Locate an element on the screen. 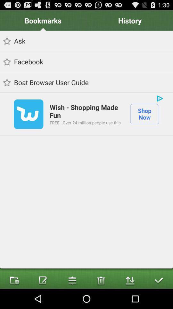  the icon to the left of shop now app is located at coordinates (85, 122).